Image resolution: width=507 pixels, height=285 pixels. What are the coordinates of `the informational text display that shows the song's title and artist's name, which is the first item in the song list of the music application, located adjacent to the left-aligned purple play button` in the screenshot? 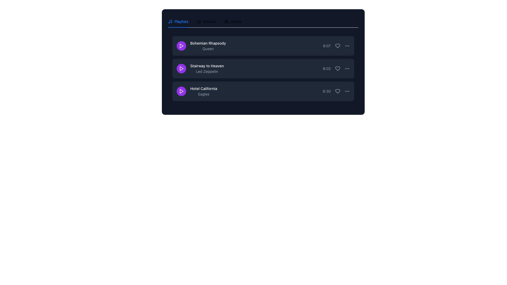 It's located at (208, 45).